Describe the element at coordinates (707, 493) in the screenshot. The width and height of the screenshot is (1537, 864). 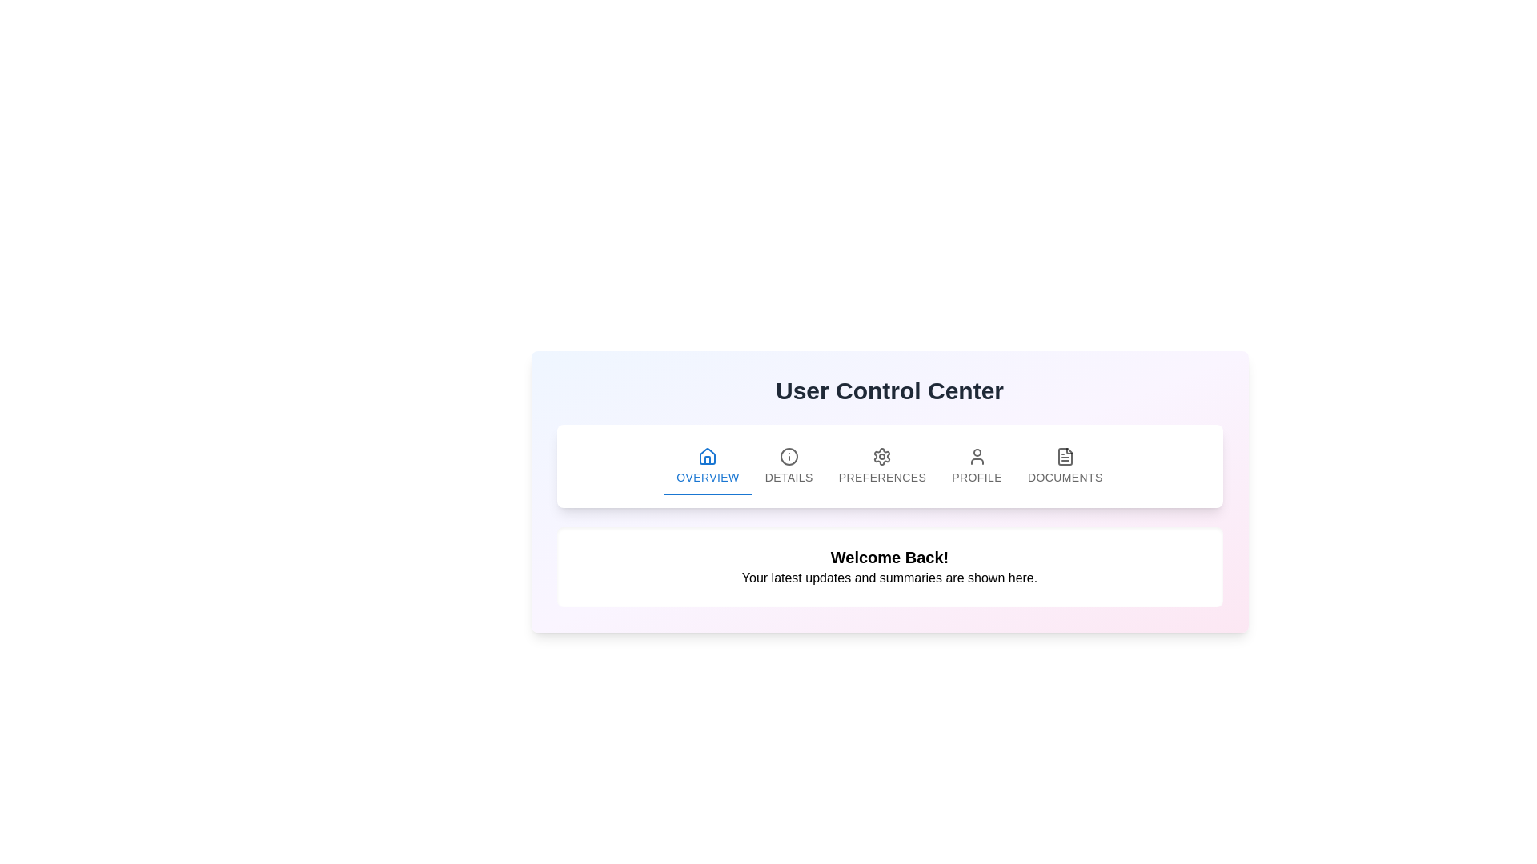
I see `the indicator that highlights the currently active tab located beneath the 'Overview' tab in the navigation bar` at that location.